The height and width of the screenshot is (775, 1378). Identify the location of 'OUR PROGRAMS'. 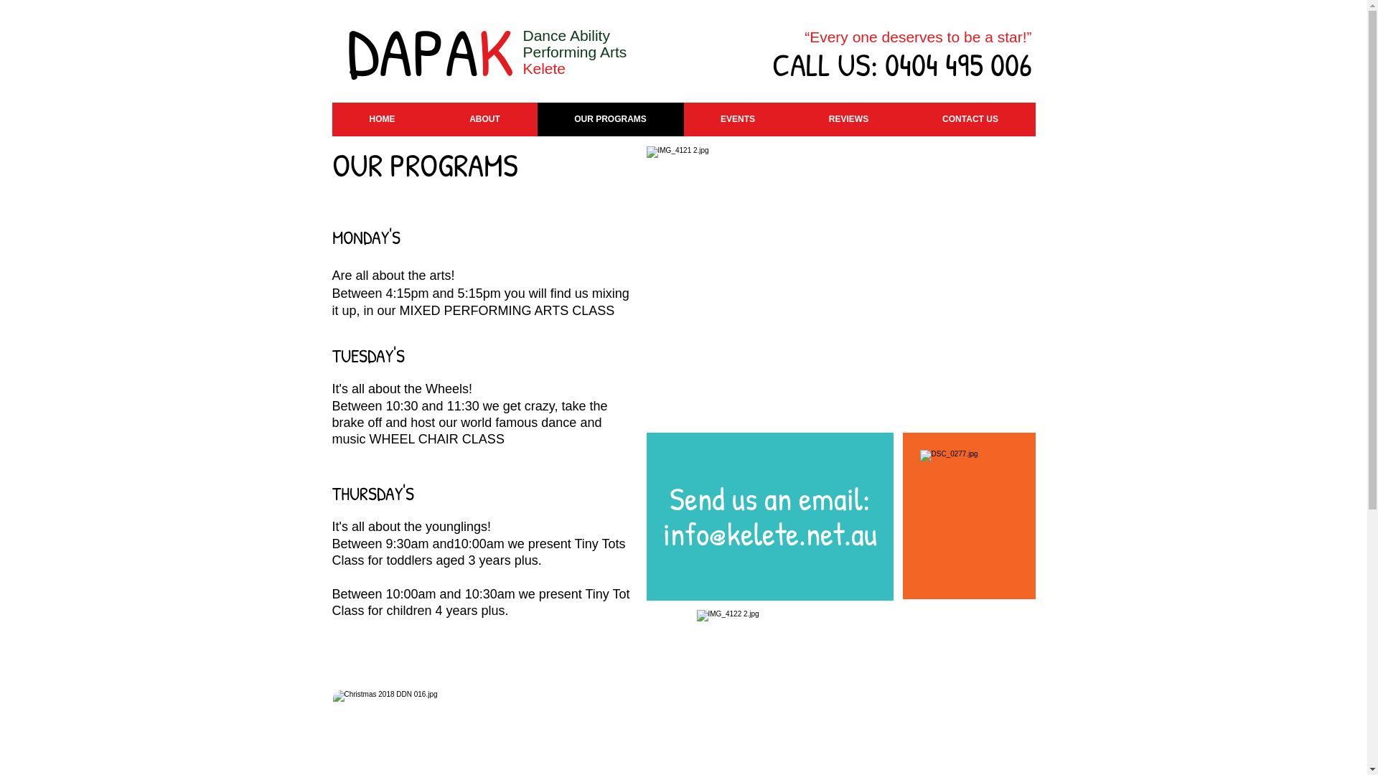
(609, 118).